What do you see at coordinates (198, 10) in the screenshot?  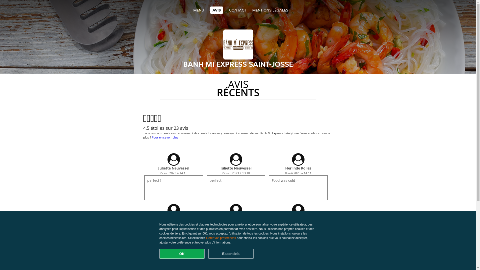 I see `'MENU'` at bounding box center [198, 10].